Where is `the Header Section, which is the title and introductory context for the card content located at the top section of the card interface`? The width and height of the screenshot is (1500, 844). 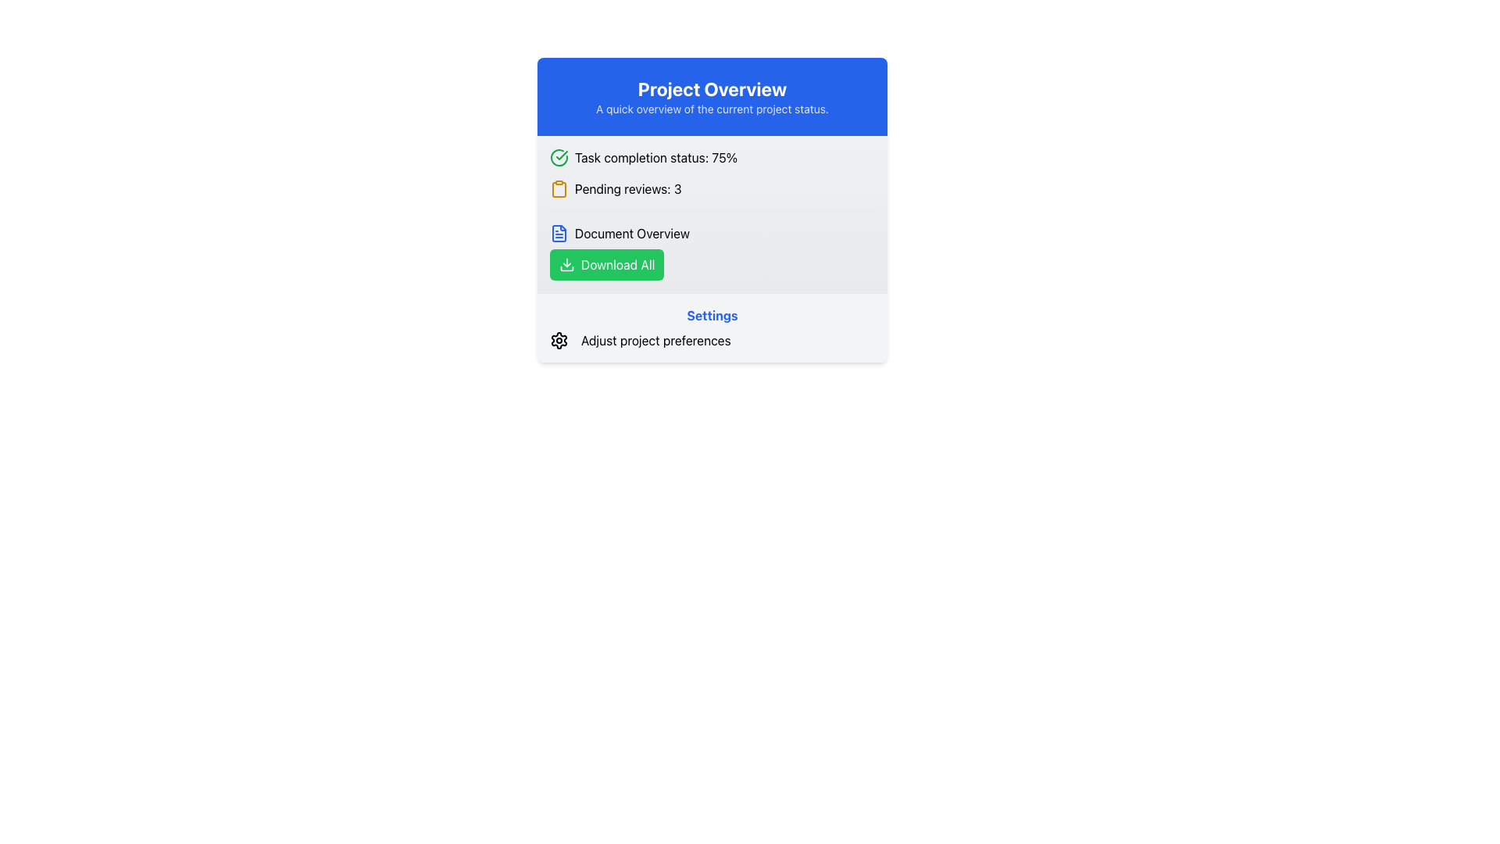
the Header Section, which is the title and introductory context for the card content located at the top section of the card interface is located at coordinates (712, 96).